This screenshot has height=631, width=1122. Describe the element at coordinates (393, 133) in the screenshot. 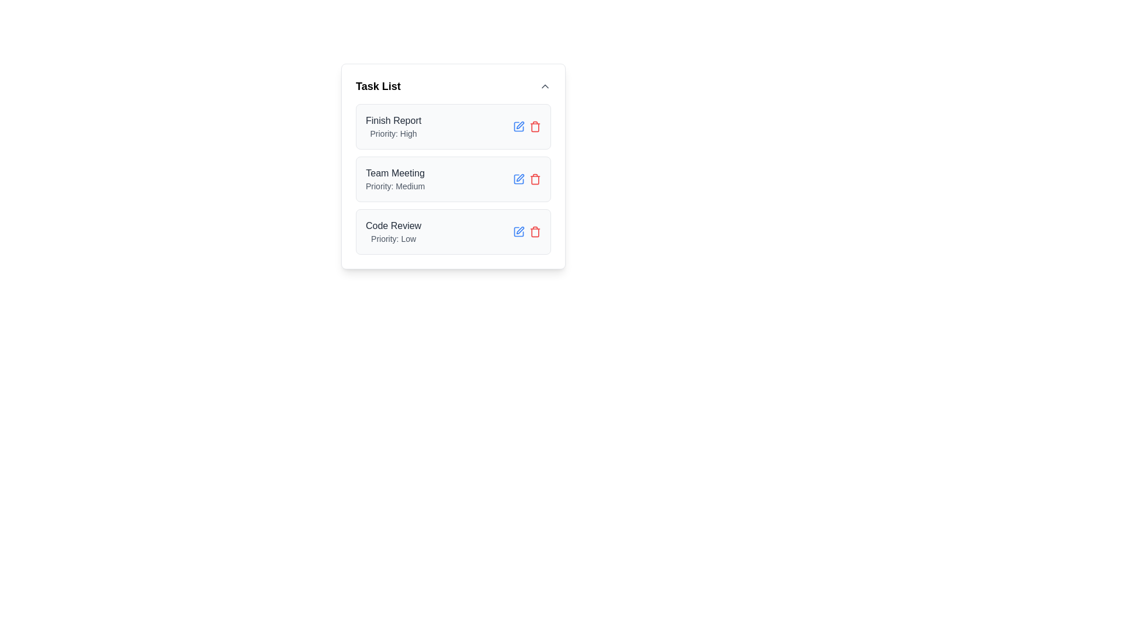

I see `text label indicating the priority level ('High') of the task 'Finish Report' located in the first task card of the task list` at that location.